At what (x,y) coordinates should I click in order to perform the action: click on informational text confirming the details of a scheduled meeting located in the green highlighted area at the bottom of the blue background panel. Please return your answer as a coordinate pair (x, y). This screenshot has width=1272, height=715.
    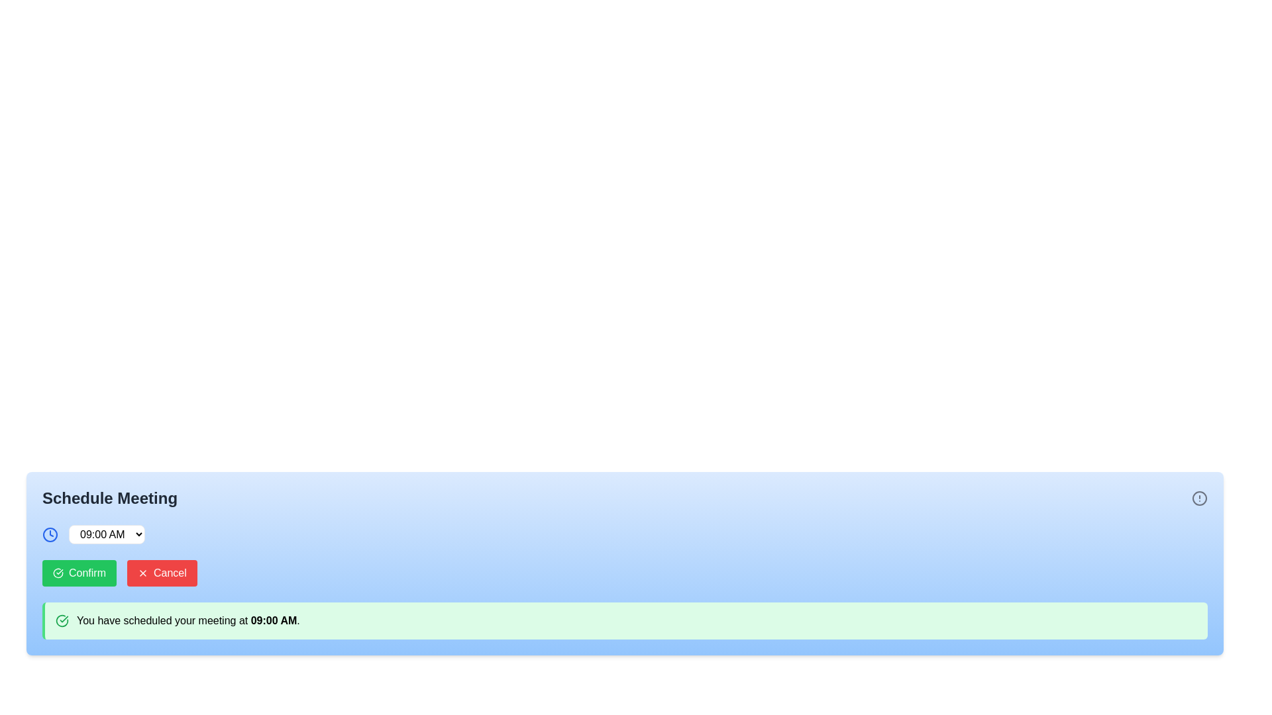
    Looking at the image, I should click on (187, 620).